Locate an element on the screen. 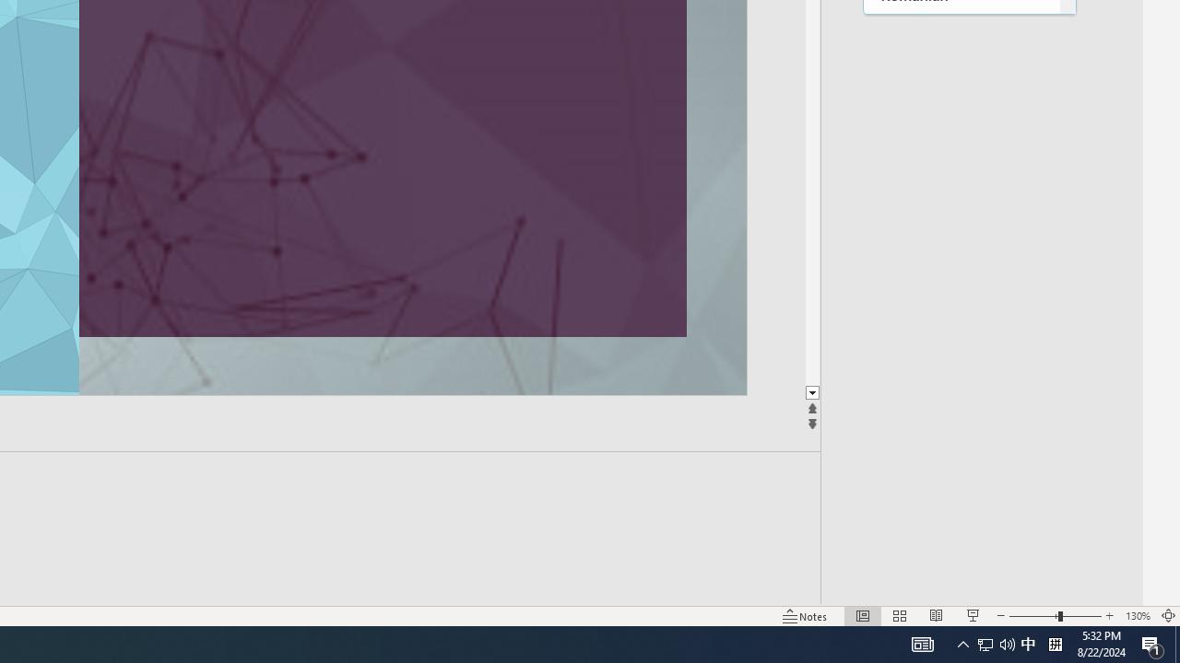  'Rundi' is located at coordinates (961, 31).